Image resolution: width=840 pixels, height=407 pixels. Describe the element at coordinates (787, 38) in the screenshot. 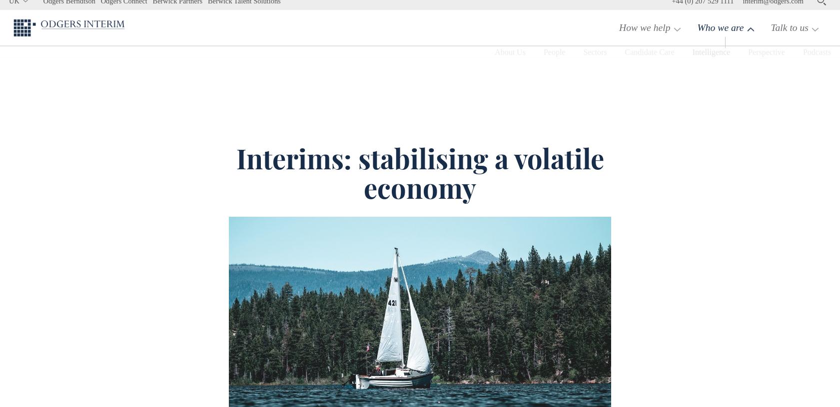

I see `'Talk to us'` at that location.